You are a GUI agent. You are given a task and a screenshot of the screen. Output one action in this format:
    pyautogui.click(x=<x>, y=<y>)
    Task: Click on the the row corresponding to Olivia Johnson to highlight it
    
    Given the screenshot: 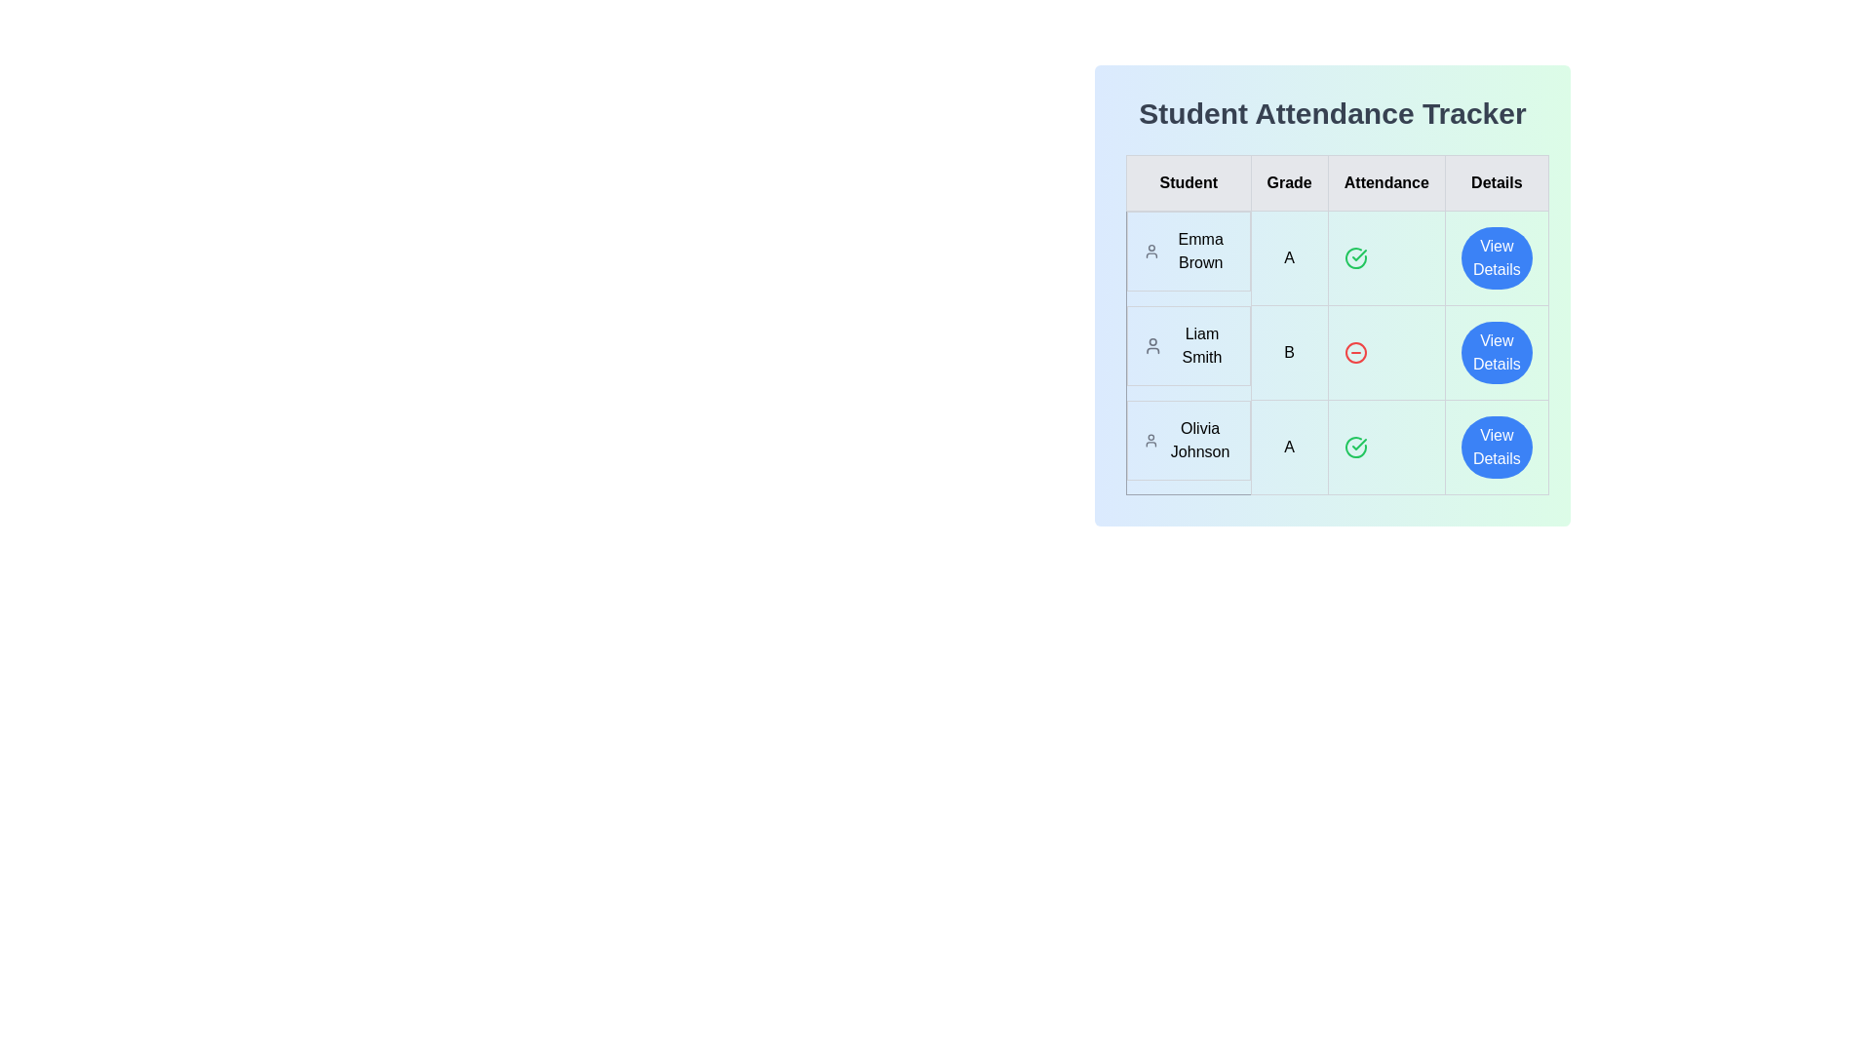 What is the action you would take?
    pyautogui.click(x=1336, y=448)
    